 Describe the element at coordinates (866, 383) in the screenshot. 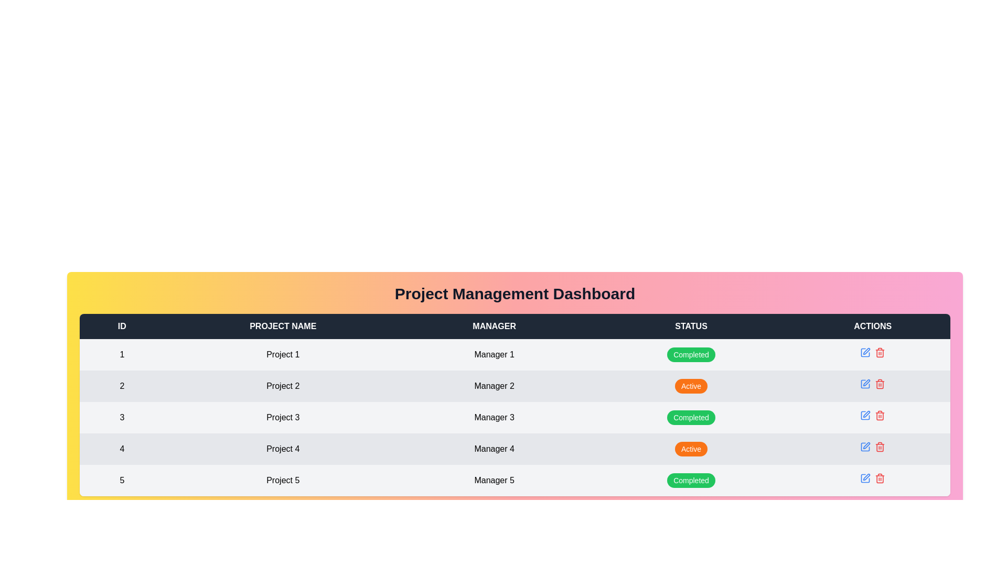

I see `the edit icon button located in the 'Actions' column of the third row of the table` at that location.